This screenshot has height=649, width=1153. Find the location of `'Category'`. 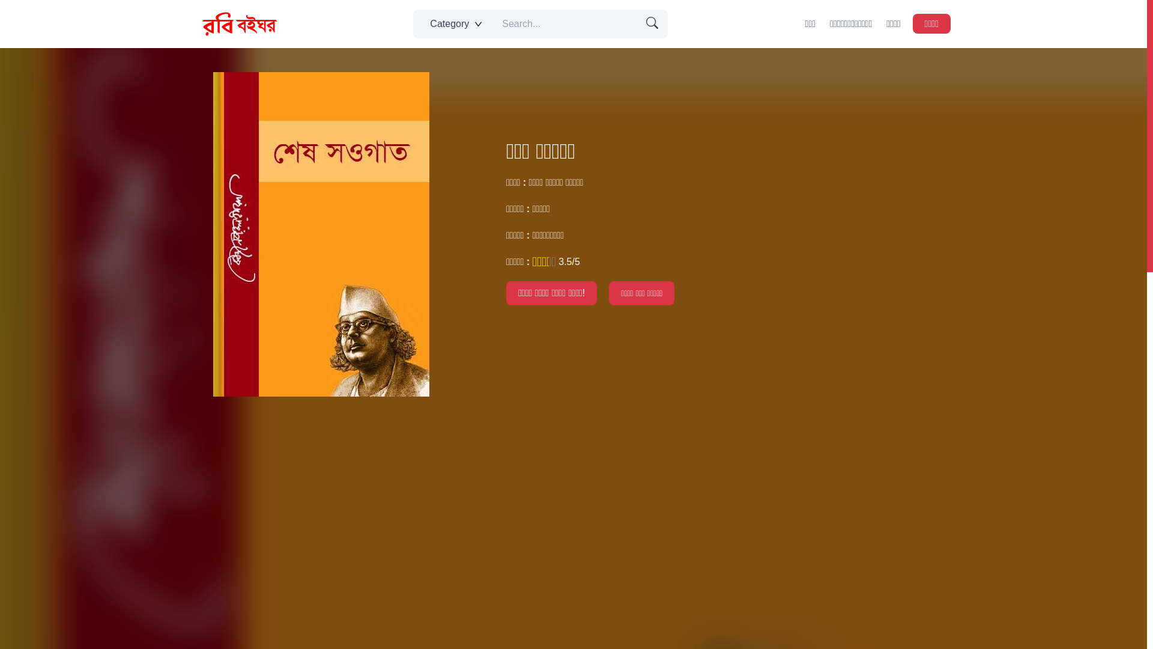

'Category' is located at coordinates (453, 23).